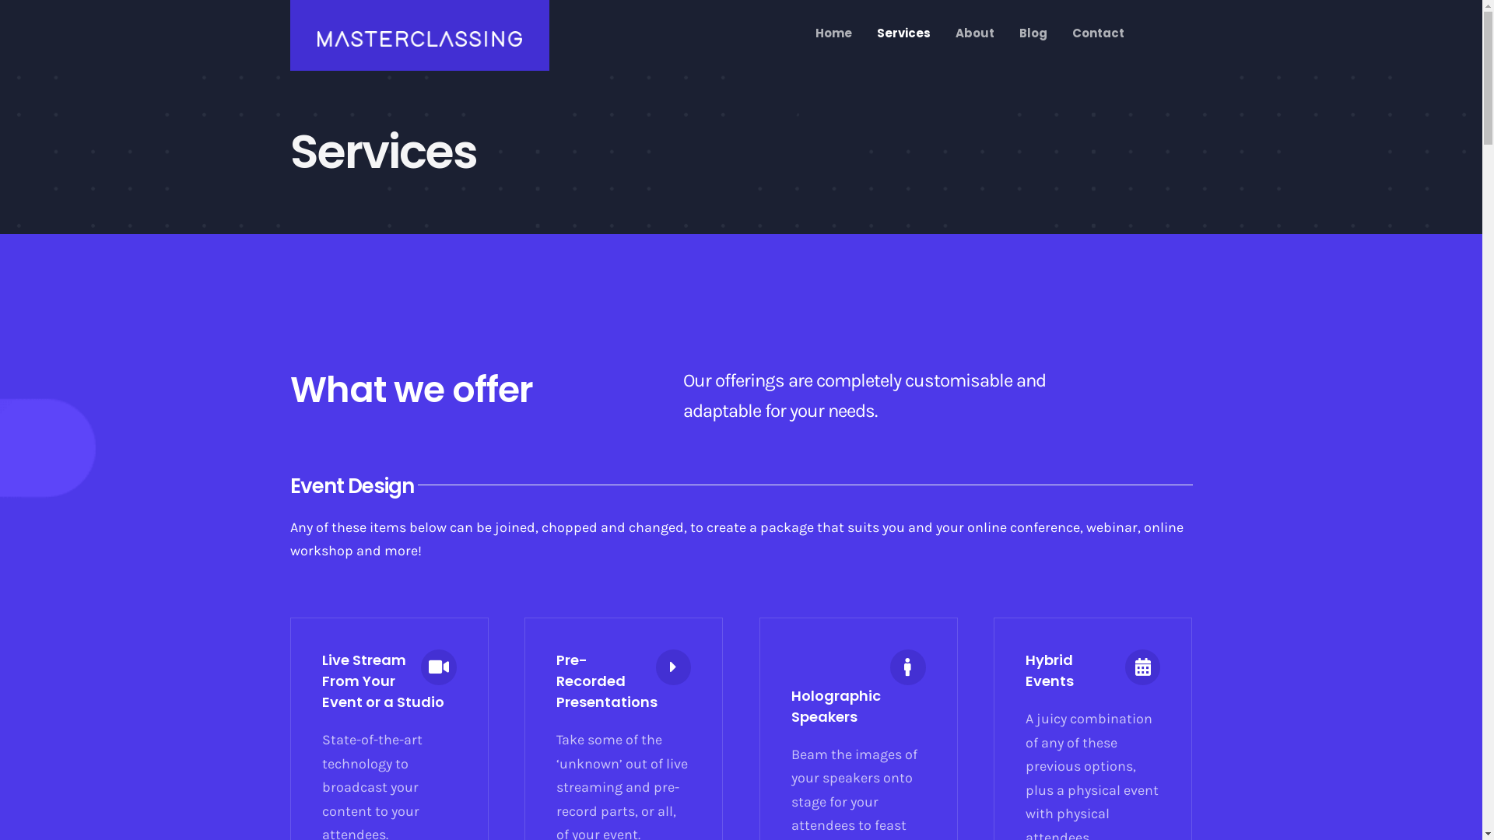 This screenshot has height=840, width=1494. I want to click on 'Blog', so click(1033, 33).